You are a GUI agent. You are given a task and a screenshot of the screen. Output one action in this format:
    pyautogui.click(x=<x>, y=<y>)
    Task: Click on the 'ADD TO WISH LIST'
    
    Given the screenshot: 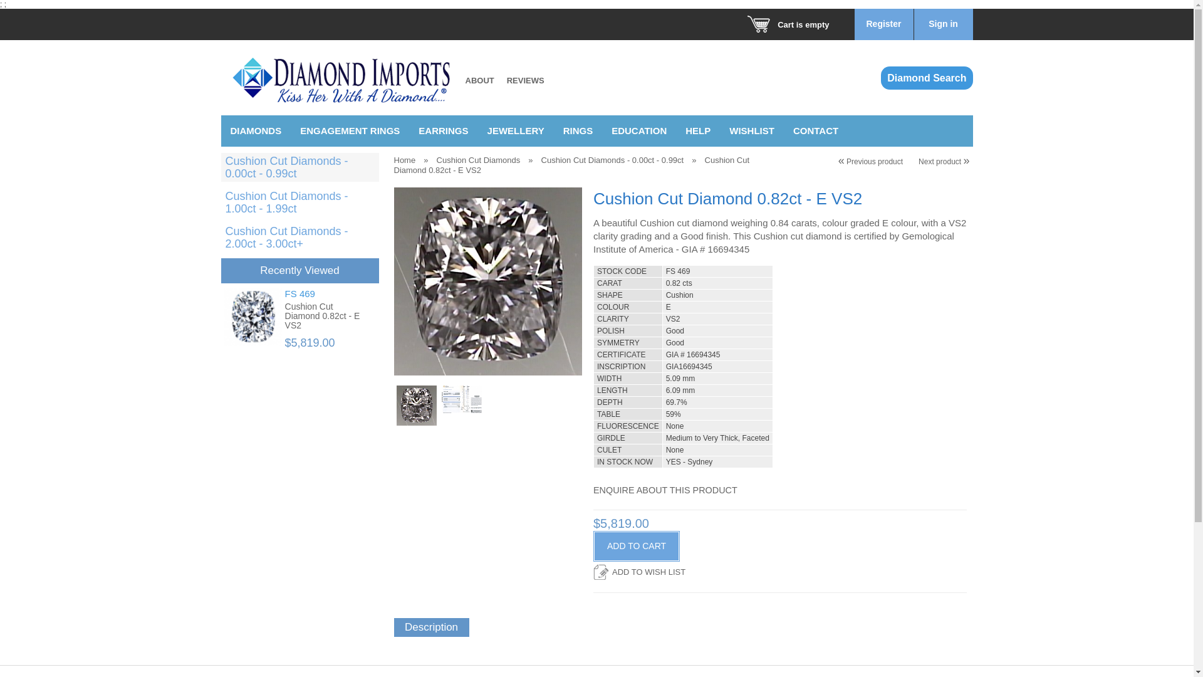 What is the action you would take?
    pyautogui.click(x=592, y=572)
    